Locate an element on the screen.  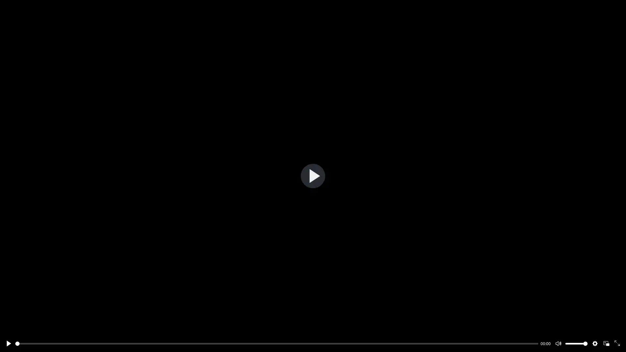
Starta uppspelning, Spelar det forebyggande arbetet nagon roll_ is located at coordinates (8, 343).